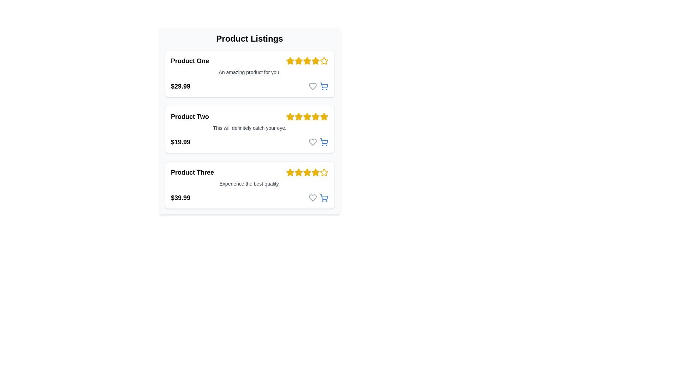  What do you see at coordinates (318, 198) in the screenshot?
I see `the cart icon located in the bottom-right corner of the 'Product Three' card` at bounding box center [318, 198].